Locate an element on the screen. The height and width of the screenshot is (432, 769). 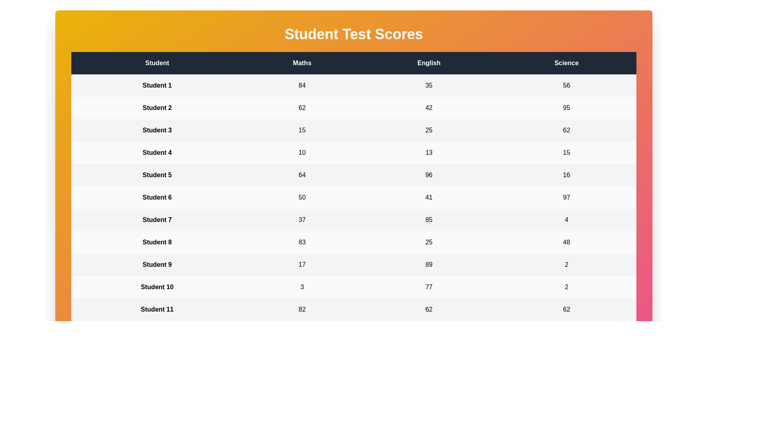
the center of the component to focus it is located at coordinates (353, 218).